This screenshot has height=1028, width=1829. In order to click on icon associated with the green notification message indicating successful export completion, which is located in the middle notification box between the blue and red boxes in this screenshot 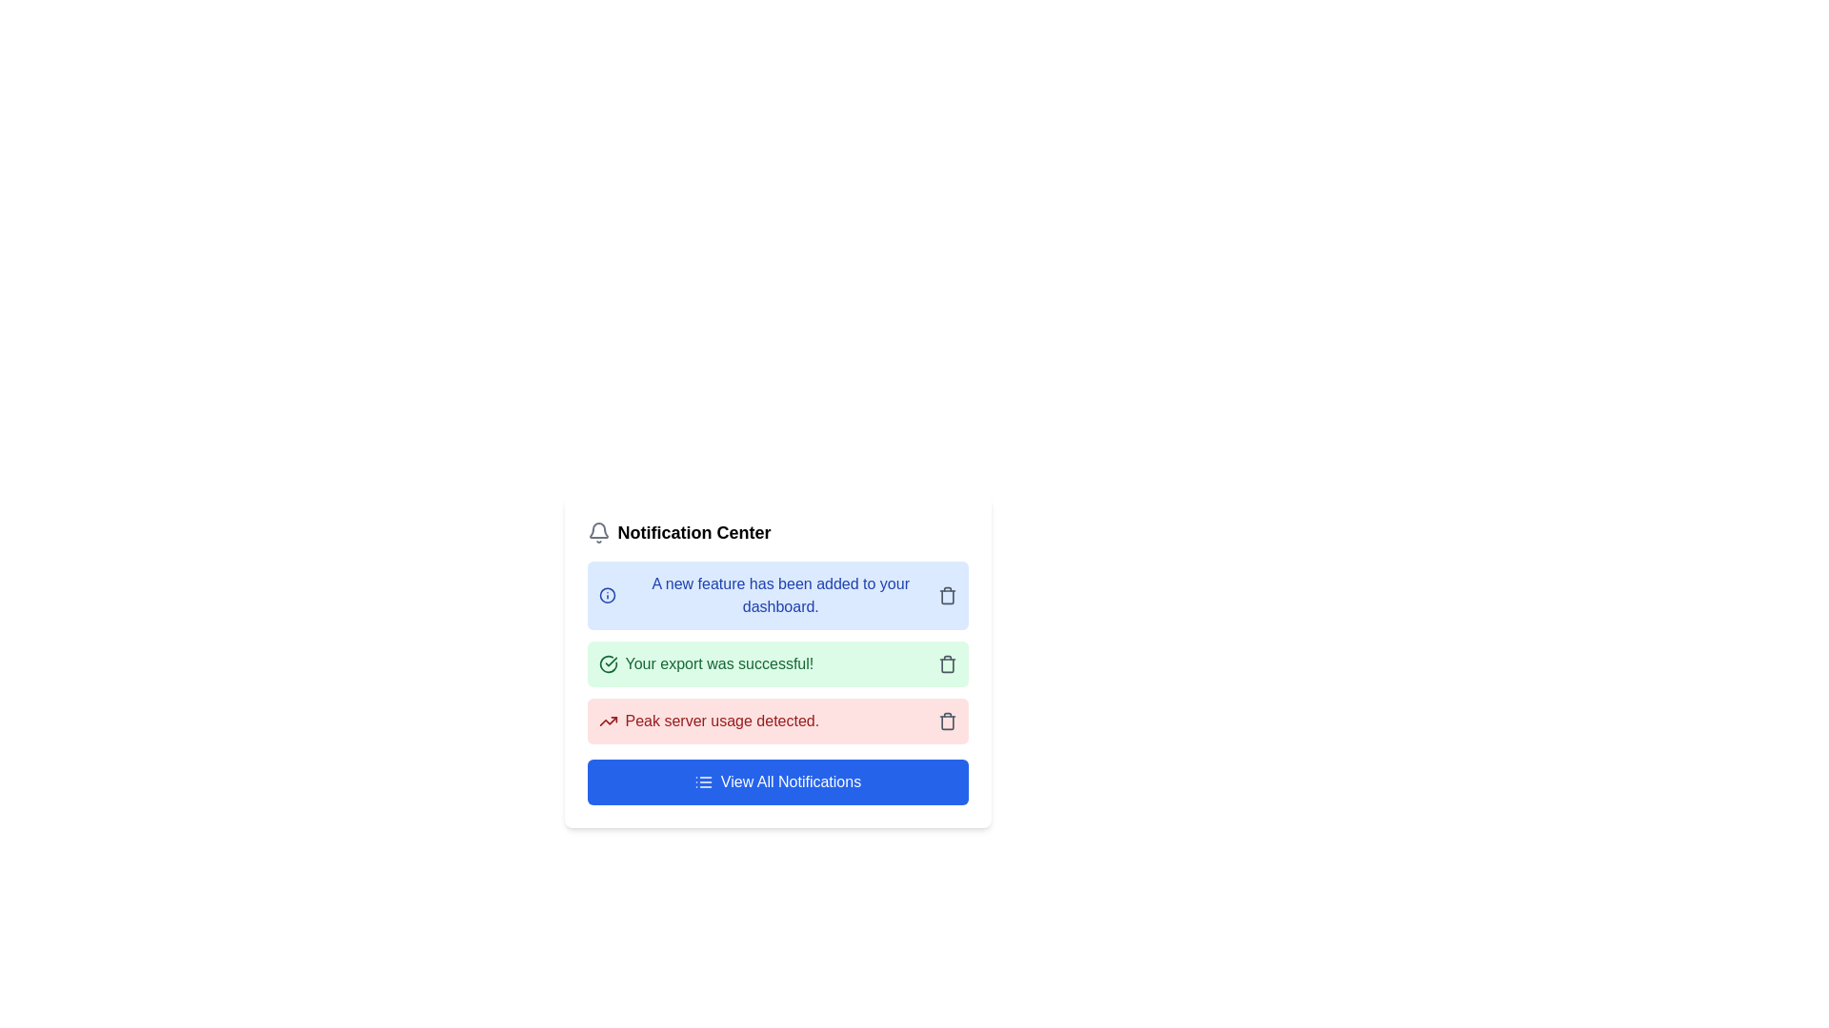, I will do `click(705, 663)`.